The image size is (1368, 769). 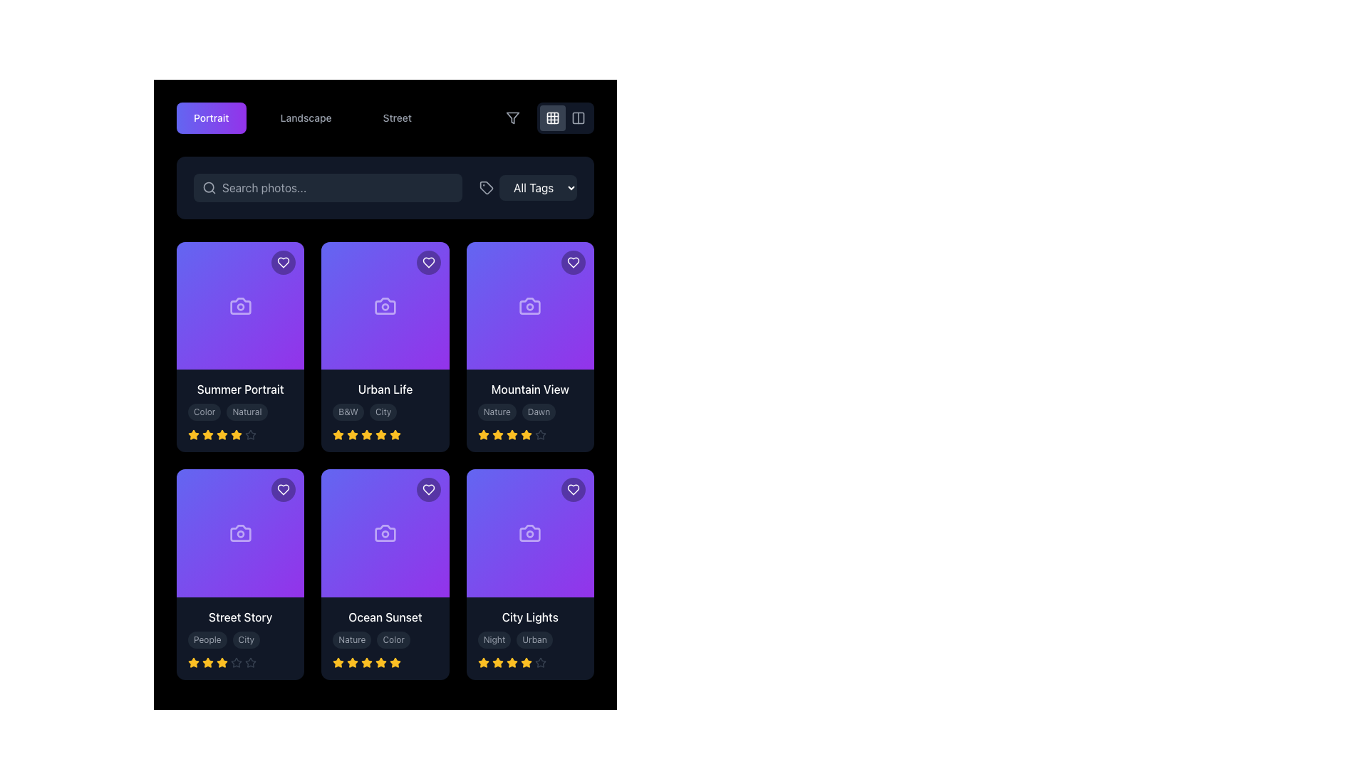 I want to click on the camera icon located within the purple tile labeled 'Ocean Sunset', positioned in the second row and second column of the visual grid layout, so click(x=385, y=533).